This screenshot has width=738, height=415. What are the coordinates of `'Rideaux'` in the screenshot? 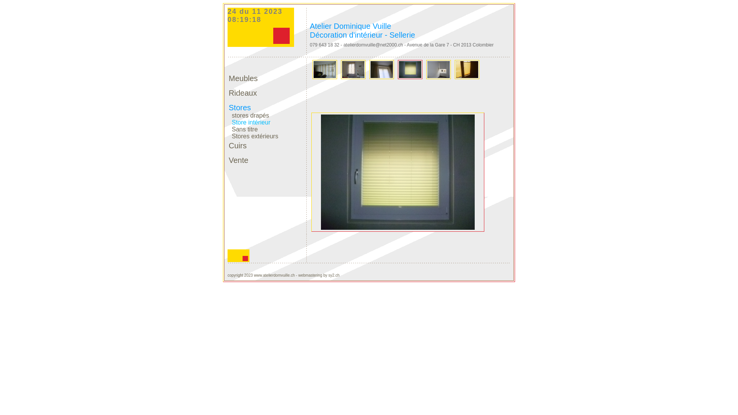 It's located at (242, 93).